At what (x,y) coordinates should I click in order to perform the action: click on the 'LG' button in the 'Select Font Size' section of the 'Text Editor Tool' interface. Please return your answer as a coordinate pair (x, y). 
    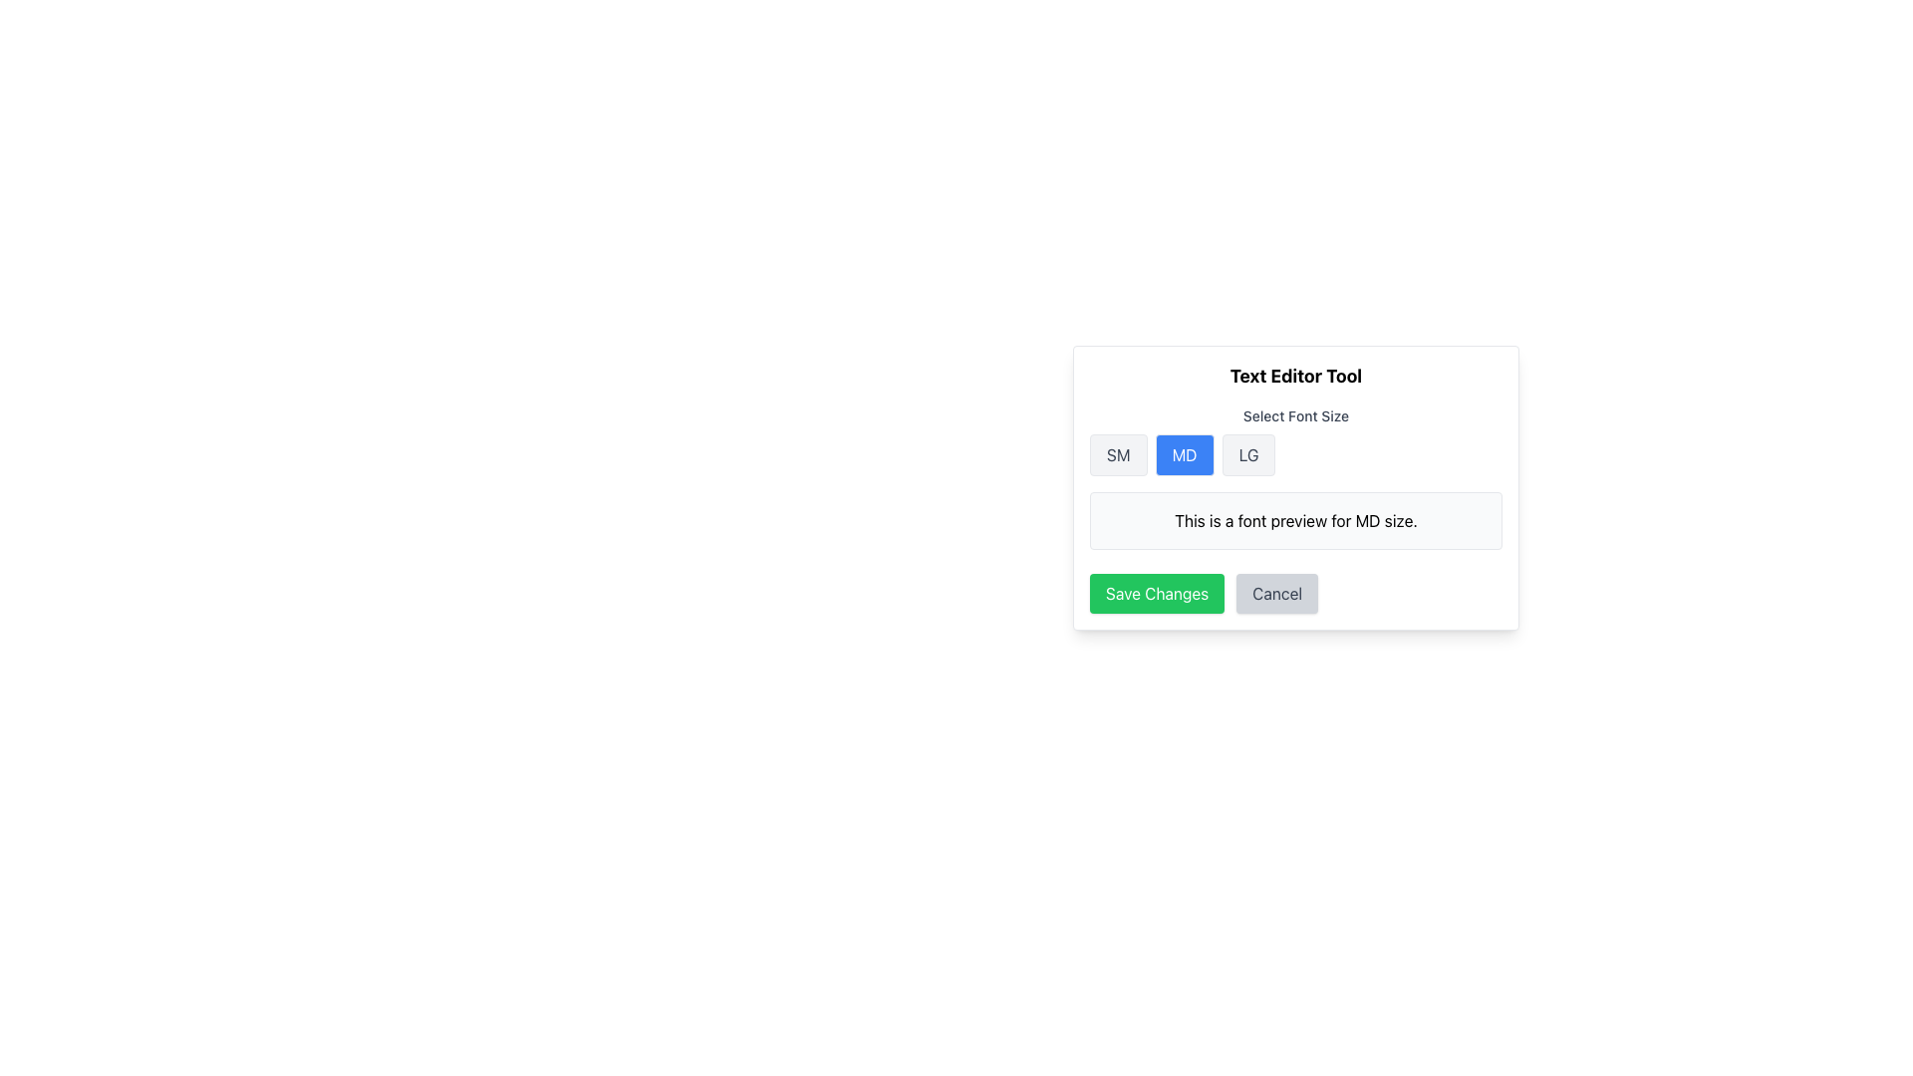
    Looking at the image, I should click on (1247, 454).